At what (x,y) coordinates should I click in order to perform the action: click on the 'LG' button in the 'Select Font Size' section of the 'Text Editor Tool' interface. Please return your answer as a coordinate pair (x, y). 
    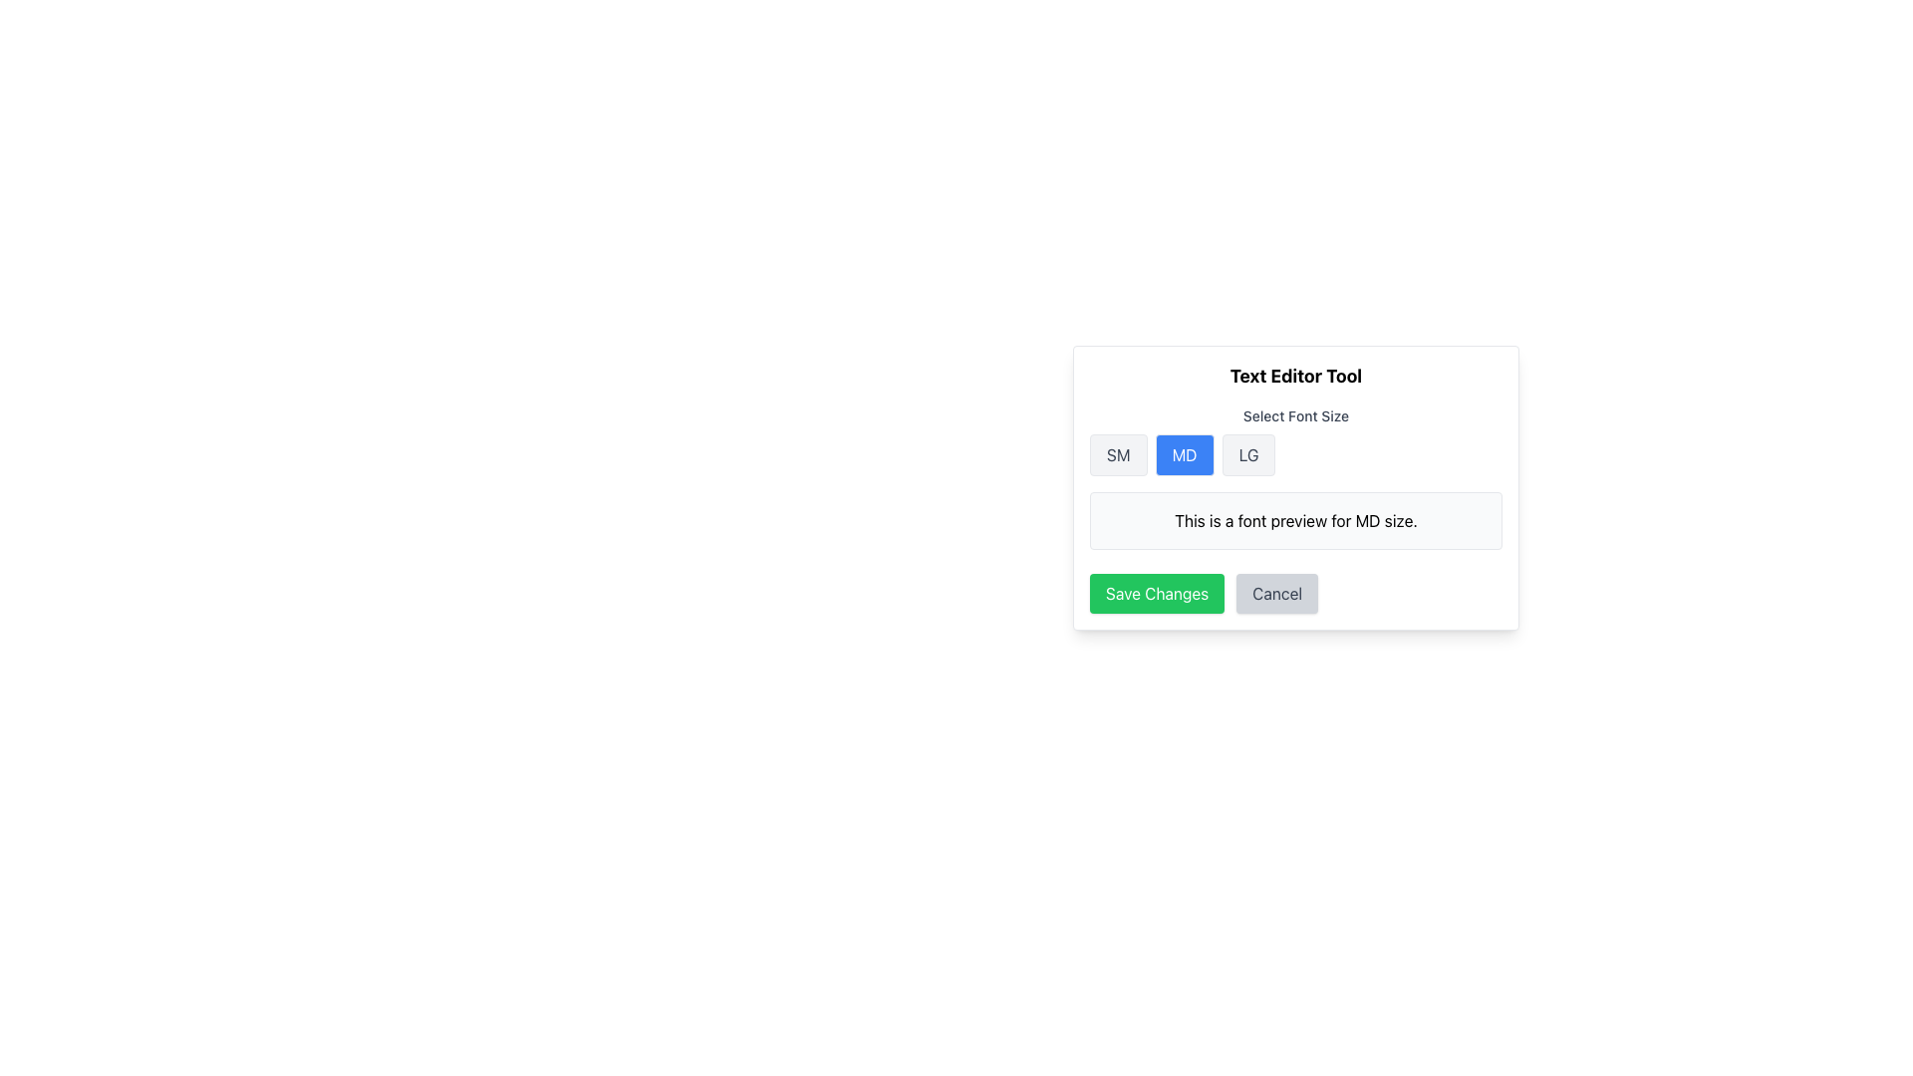
    Looking at the image, I should click on (1247, 454).